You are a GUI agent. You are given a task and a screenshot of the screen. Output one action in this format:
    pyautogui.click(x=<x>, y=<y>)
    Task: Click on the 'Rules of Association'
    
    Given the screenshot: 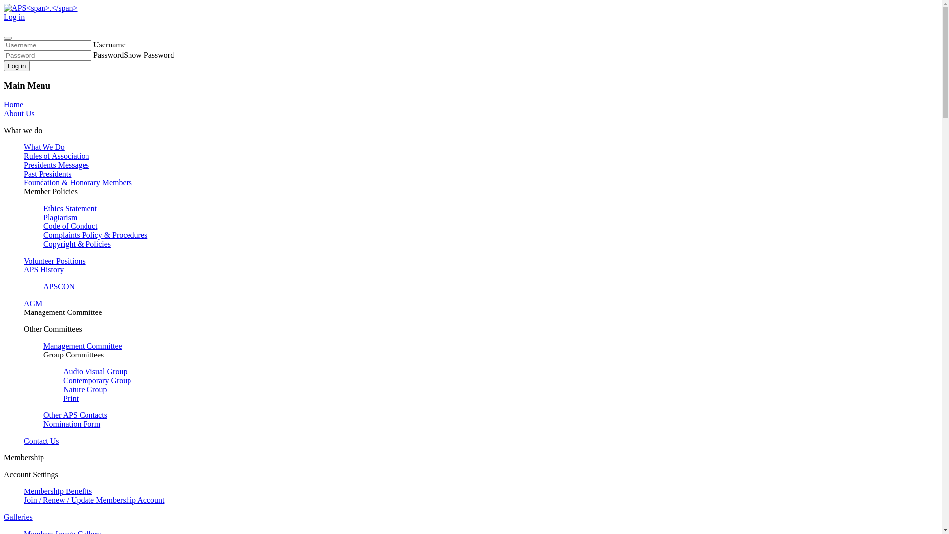 What is the action you would take?
    pyautogui.click(x=56, y=156)
    